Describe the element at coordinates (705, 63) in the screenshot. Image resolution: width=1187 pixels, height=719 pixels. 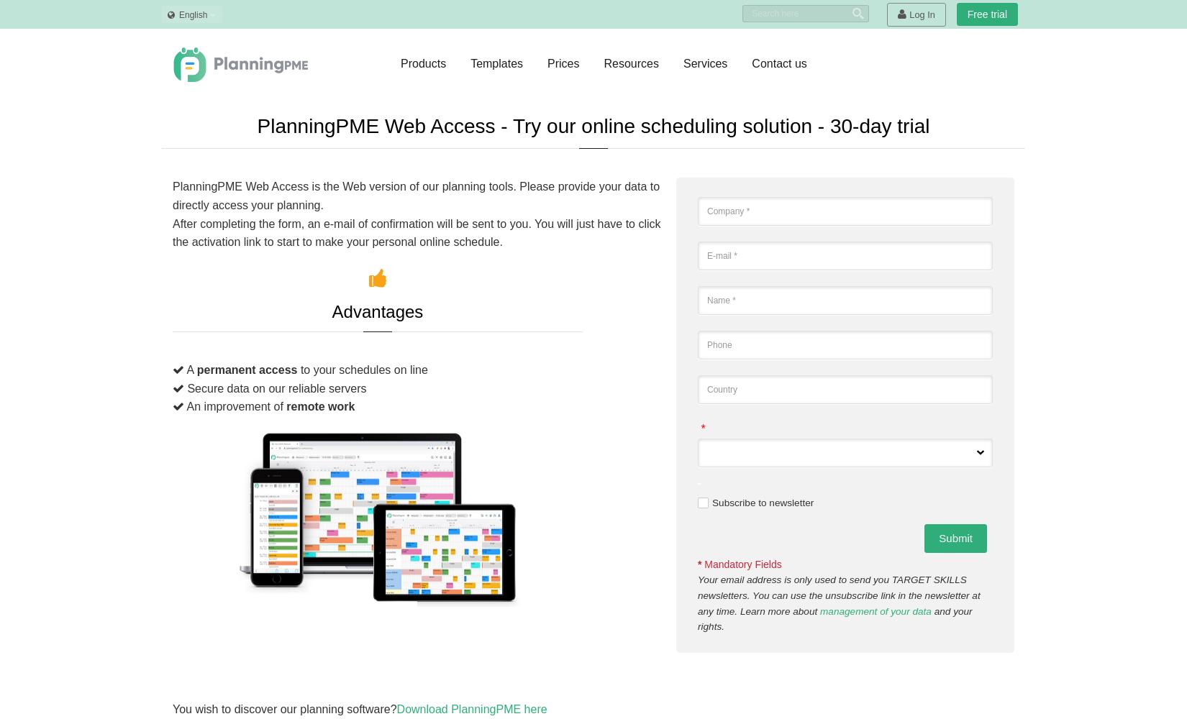
I see `'Services'` at that location.